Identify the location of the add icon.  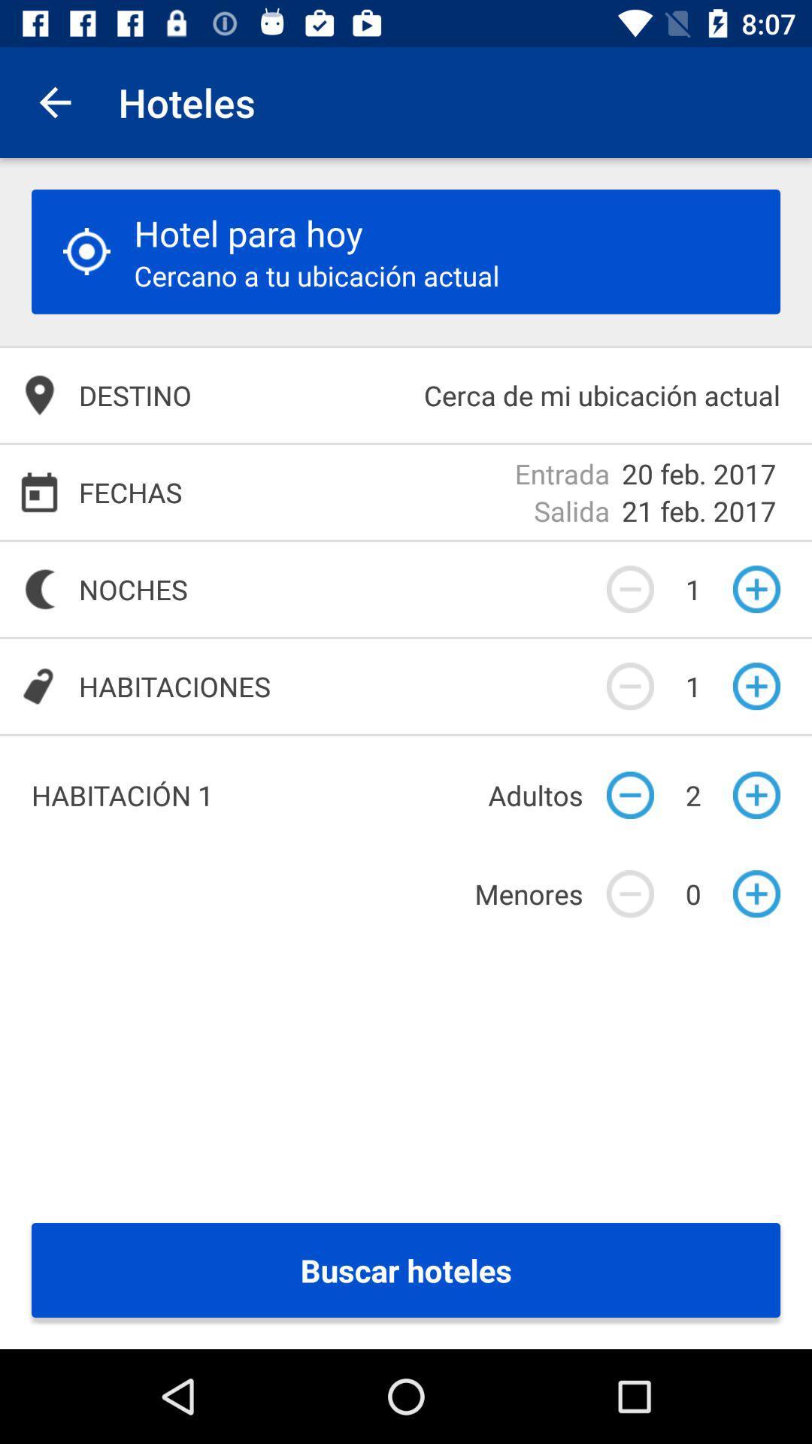
(756, 588).